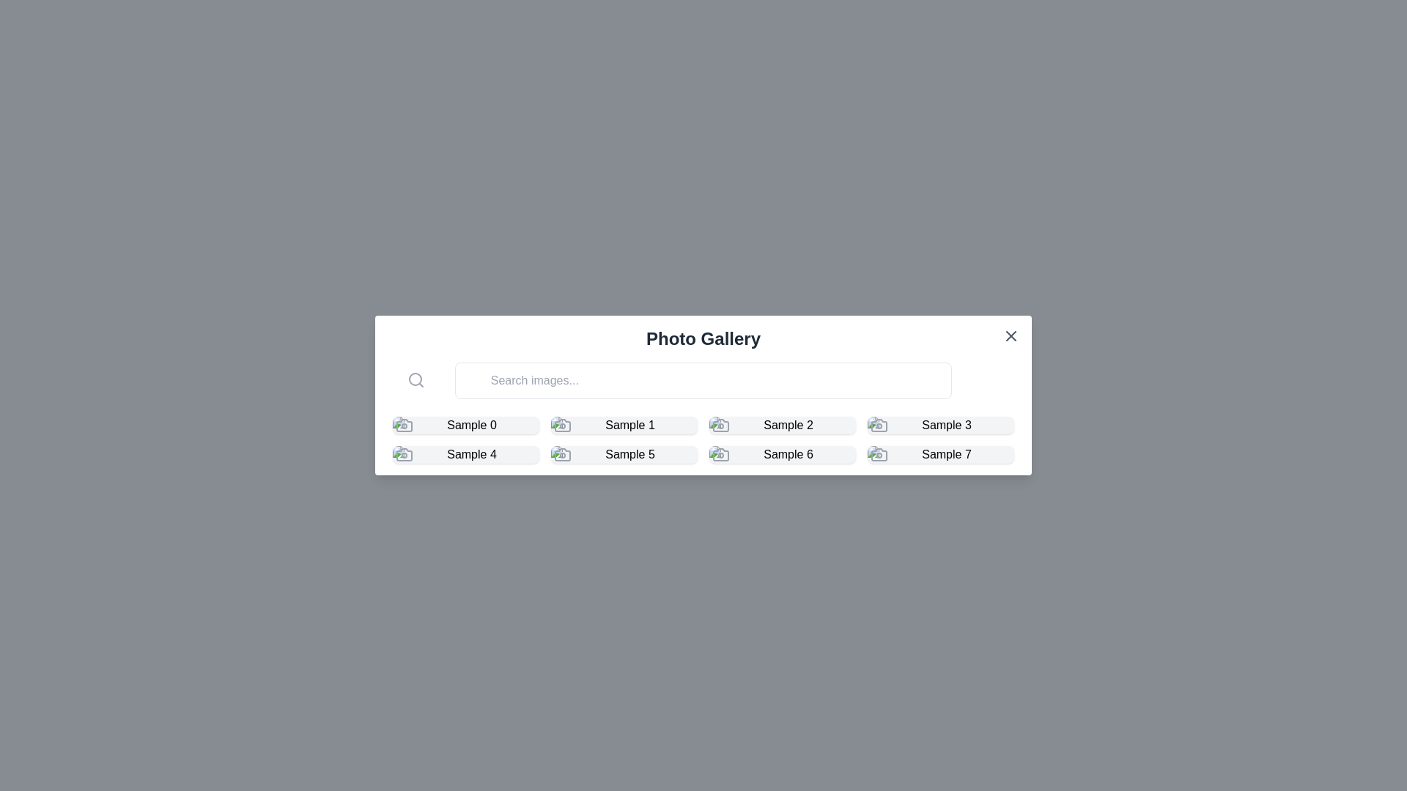 The image size is (1407, 791). Describe the element at coordinates (562, 454) in the screenshot. I see `the decorative icon representing a photo in the 'Photo Gallery' interface, specifically the element in the second position of the second row, which is part of the thumbnail labeled 'Sample 5'` at that location.